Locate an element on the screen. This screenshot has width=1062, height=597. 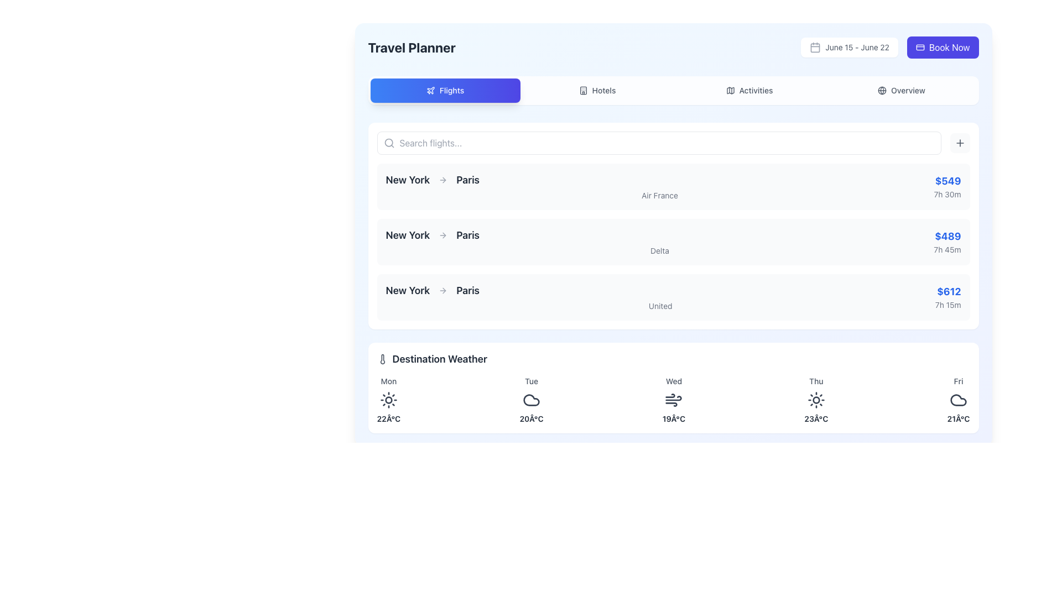
the textual information block that details the flight from New York to Paris, provided by United Airlines, located in the bottom-right corner of the third card is located at coordinates (948, 296).